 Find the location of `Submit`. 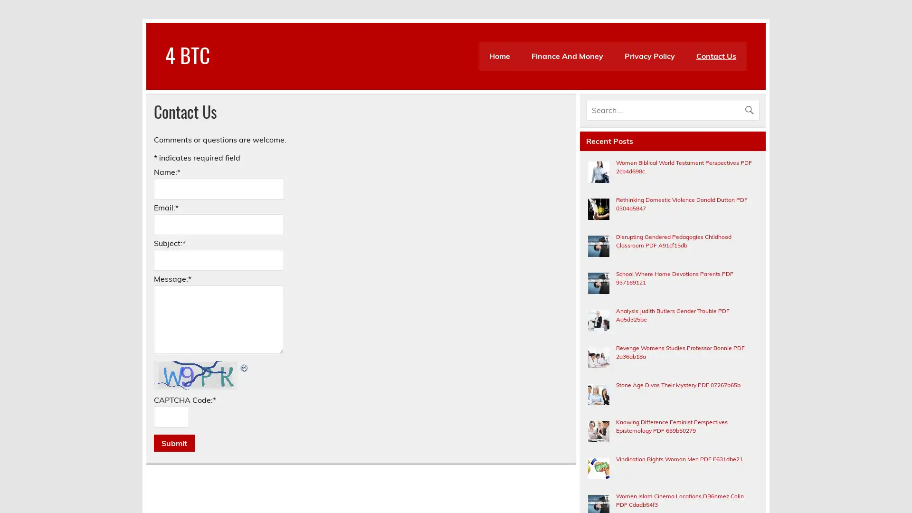

Submit is located at coordinates (174, 443).